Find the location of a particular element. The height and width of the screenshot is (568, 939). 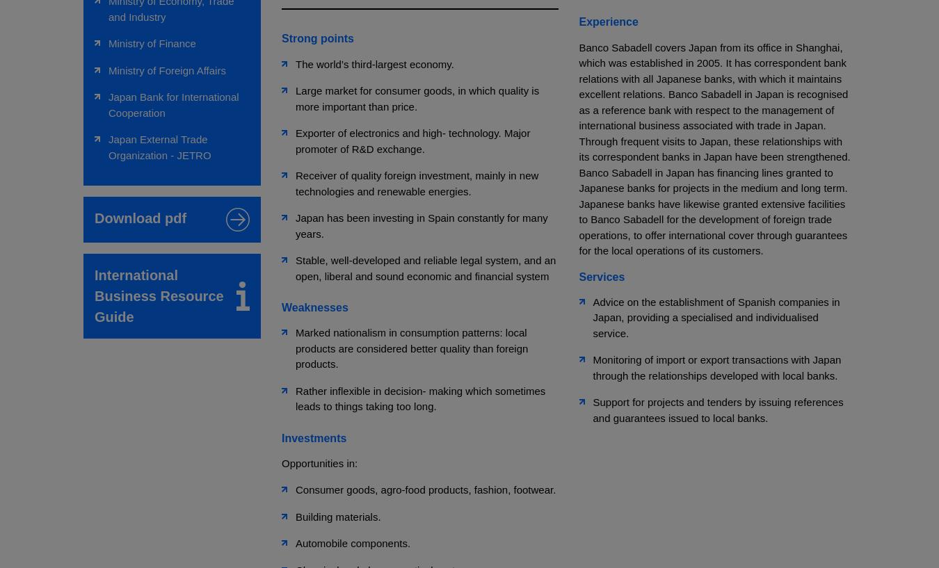

'Ministry of Foreign Affairs' is located at coordinates (166, 70).